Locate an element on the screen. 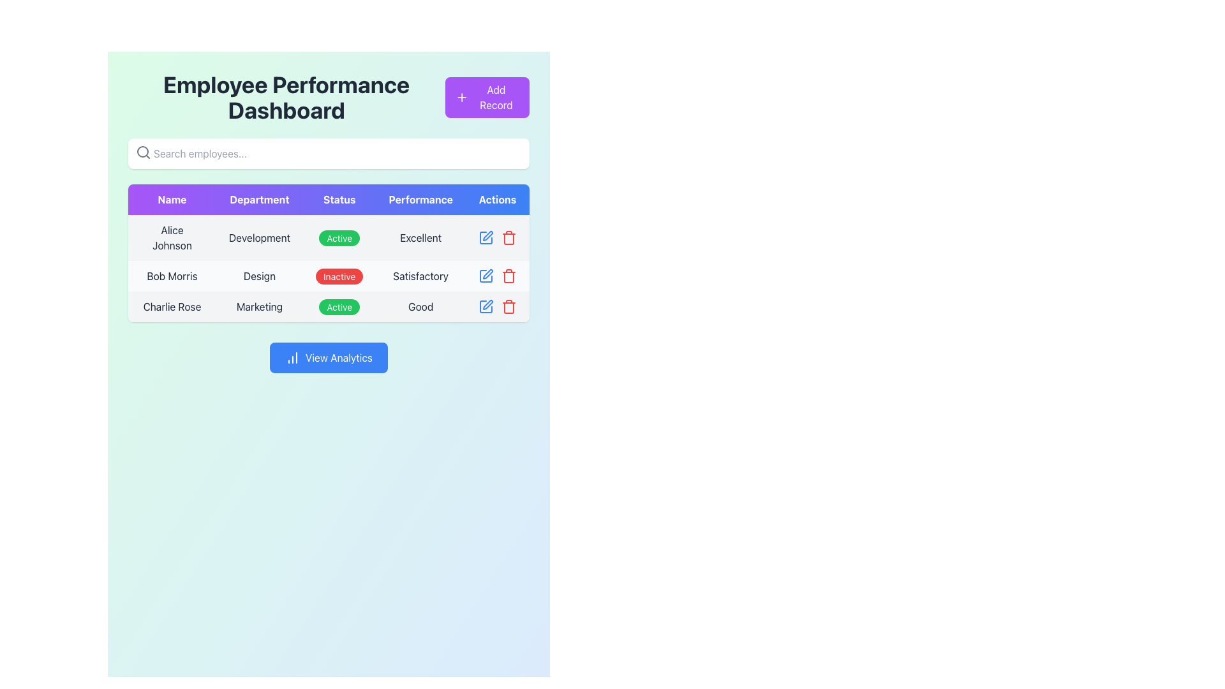 The image size is (1225, 689). the pencil icon in the Actions column of the third row to initiate editing of the corresponding record is located at coordinates (486, 305).